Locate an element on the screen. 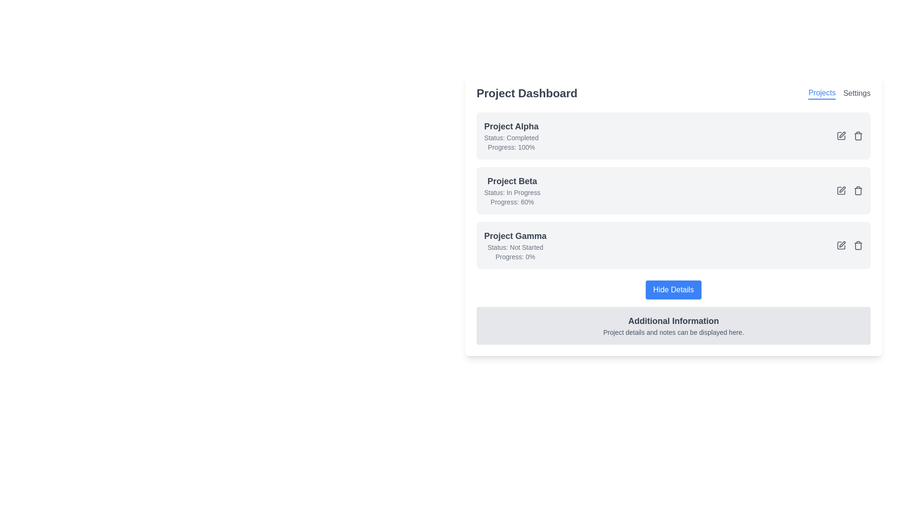 Image resolution: width=907 pixels, height=510 pixels. the button that toggles the visibility of additional information related to 'Project Gamma' to observe a color change is located at coordinates (673, 289).